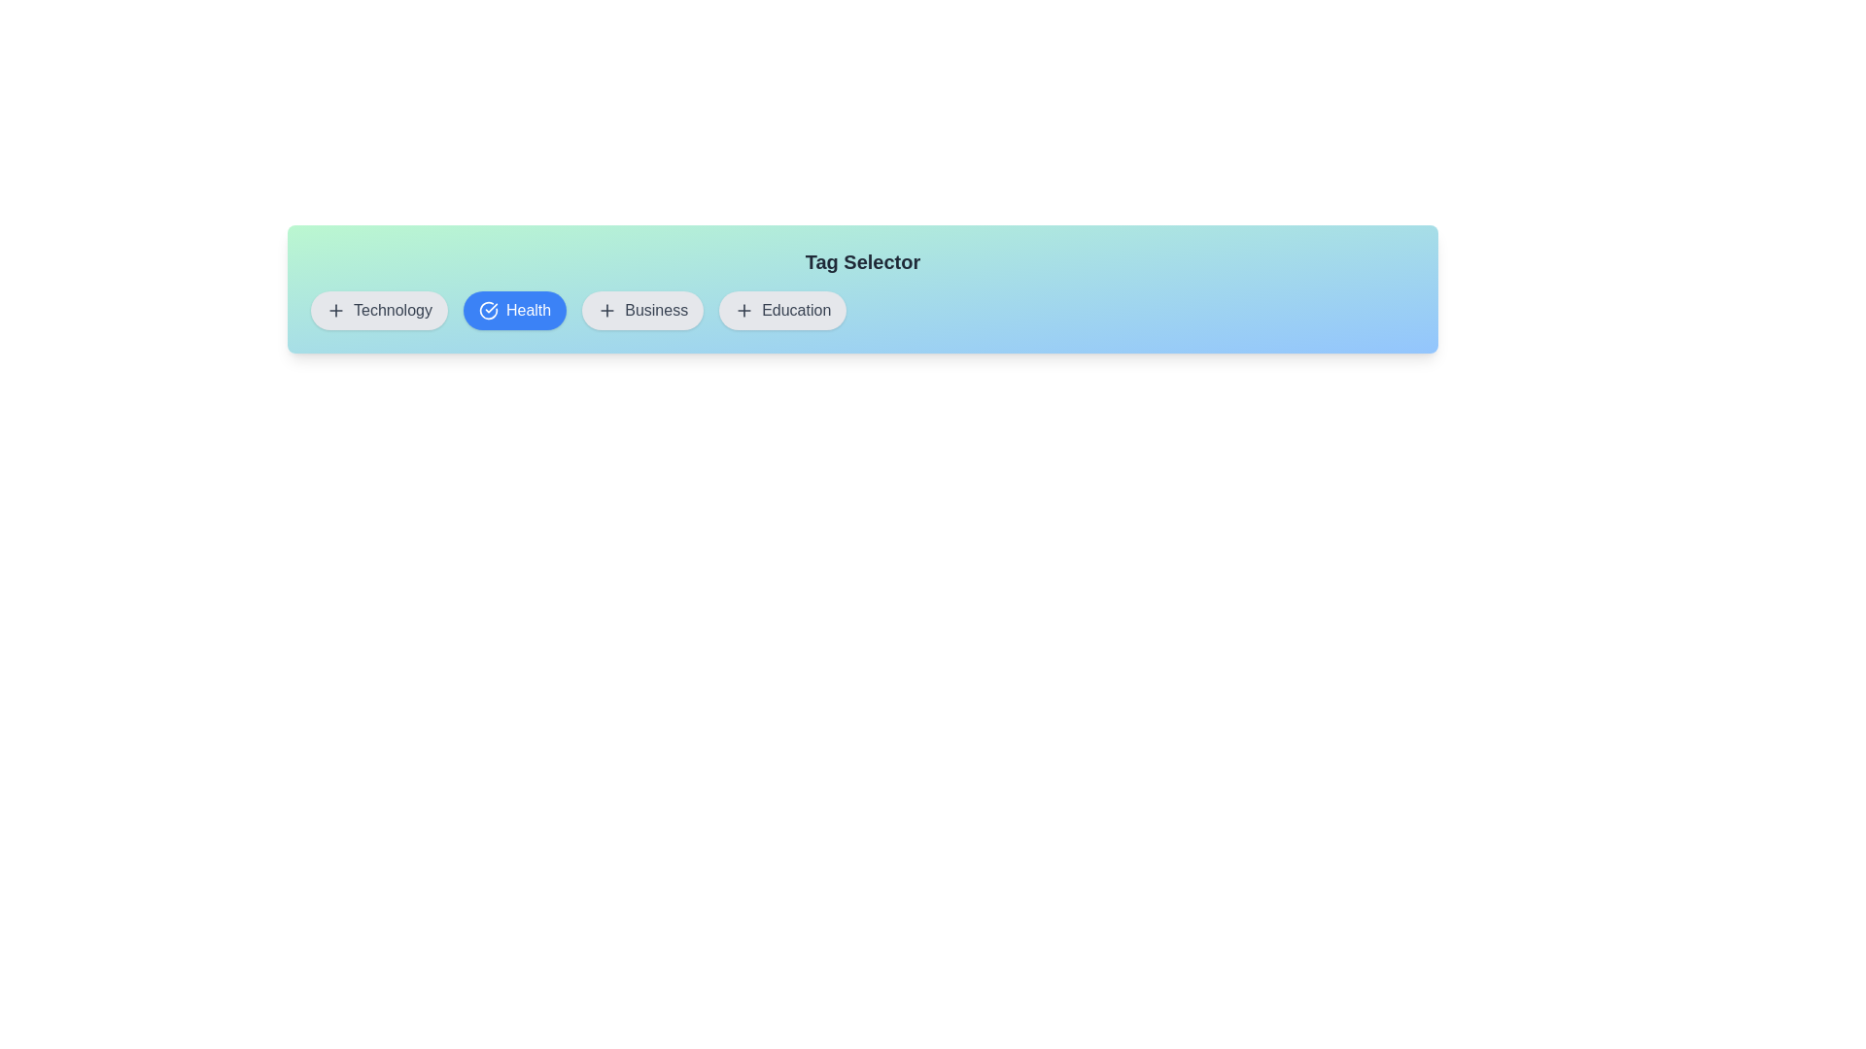 Image resolution: width=1866 pixels, height=1049 pixels. Describe the element at coordinates (514, 310) in the screenshot. I see `the button labeled Health` at that location.